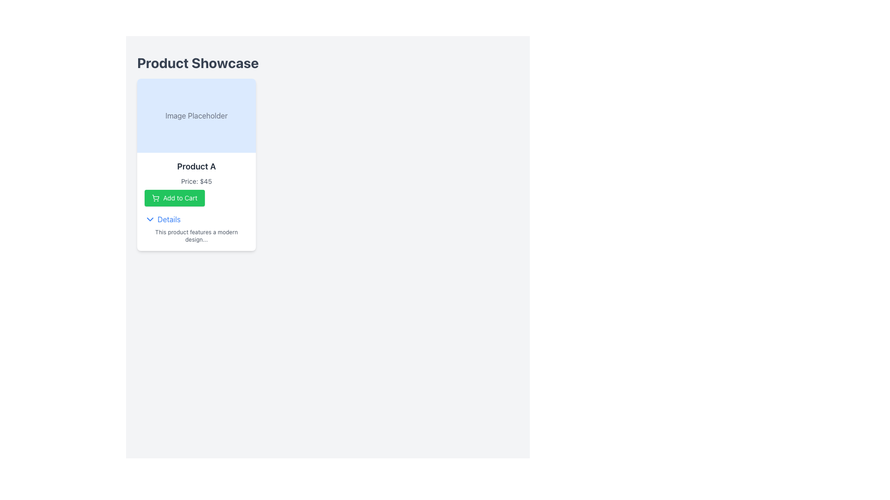  Describe the element at coordinates (196, 115) in the screenshot. I see `the image placeholder at the top of the card, which is positioned directly above the title 'Product A'` at that location.